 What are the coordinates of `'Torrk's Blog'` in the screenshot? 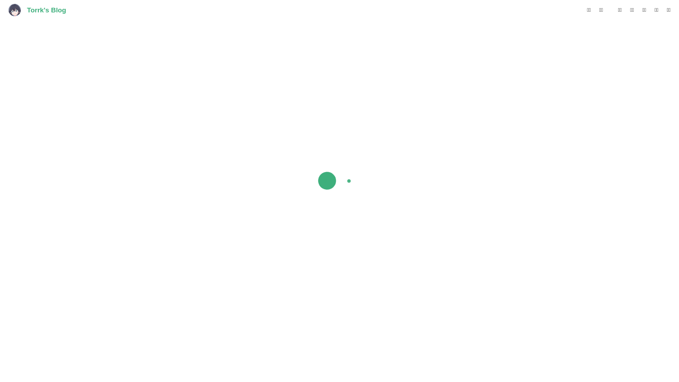 It's located at (37, 10).